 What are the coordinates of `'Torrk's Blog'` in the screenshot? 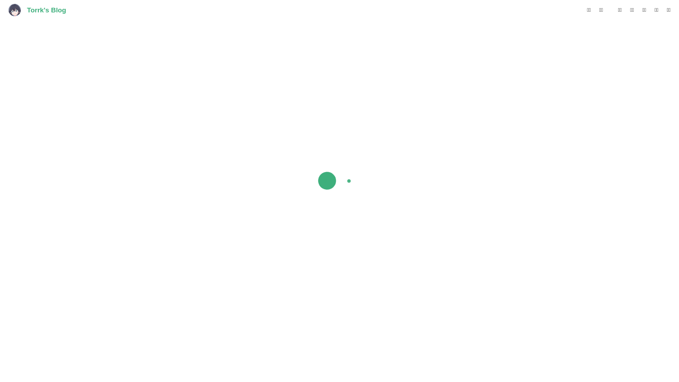 It's located at (37, 10).